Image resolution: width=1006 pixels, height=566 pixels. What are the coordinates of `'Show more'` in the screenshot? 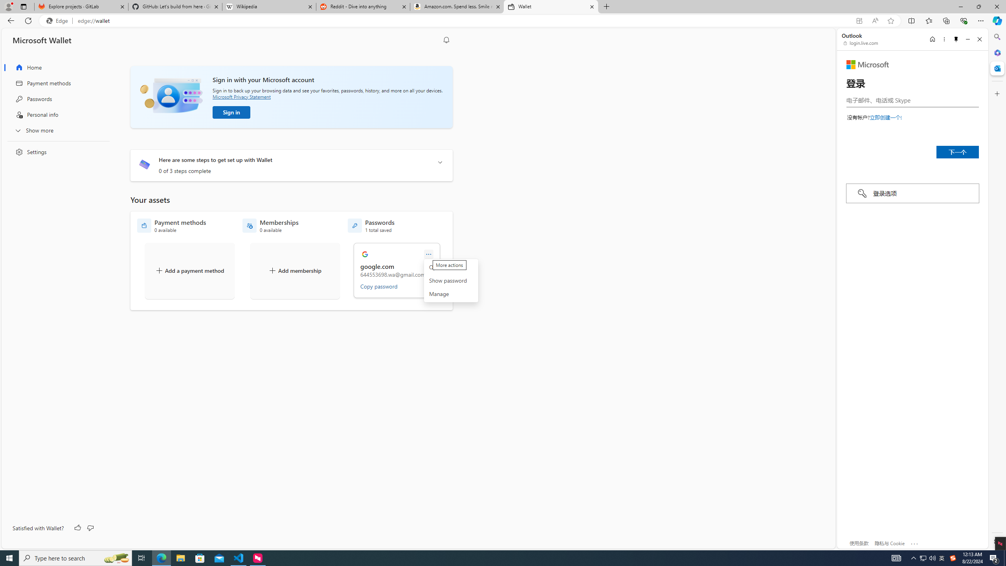 It's located at (56, 130).